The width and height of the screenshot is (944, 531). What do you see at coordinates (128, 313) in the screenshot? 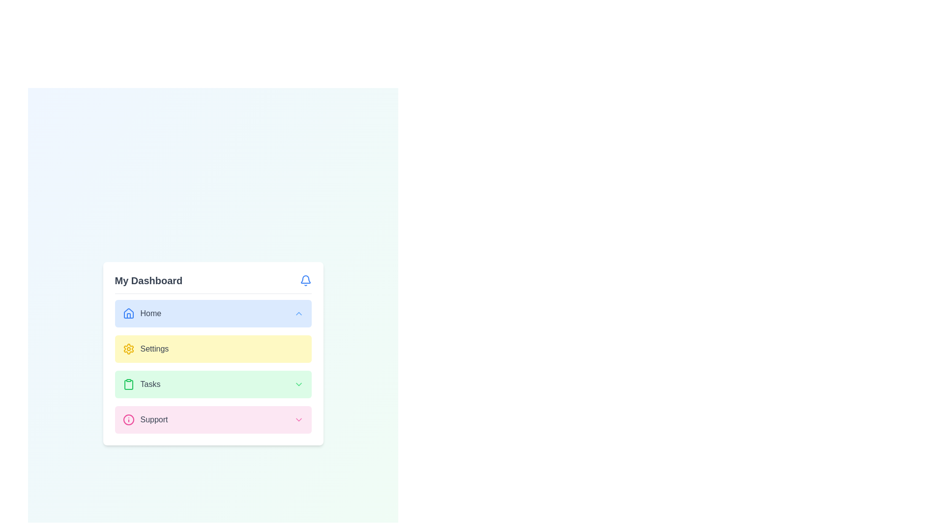
I see `the blue house icon located to the left of the 'Home' text in the first row of the 'My Dashboard' menu` at bounding box center [128, 313].